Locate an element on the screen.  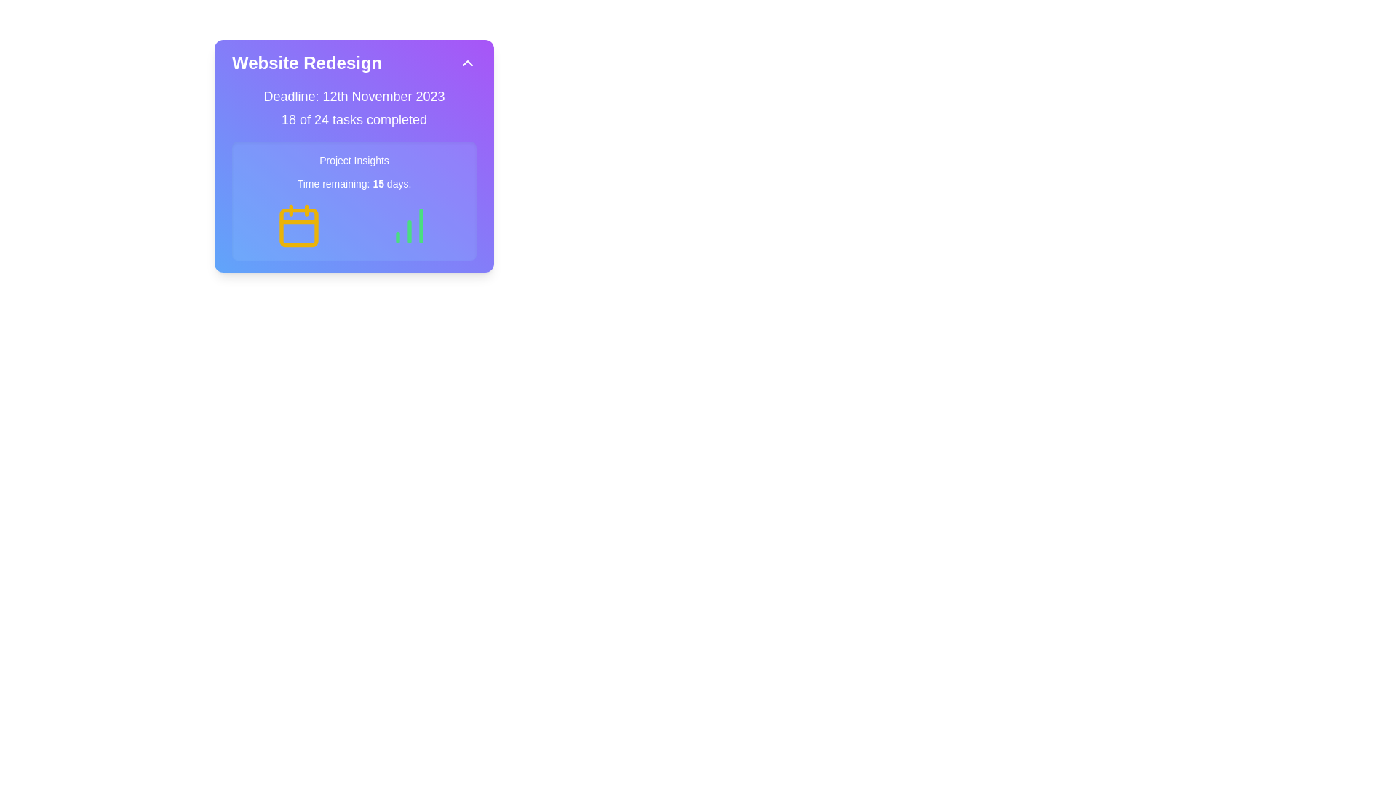
the static text label displaying 'Time remaining: 15 days' within the 'Project Insights' card is located at coordinates (378, 183).